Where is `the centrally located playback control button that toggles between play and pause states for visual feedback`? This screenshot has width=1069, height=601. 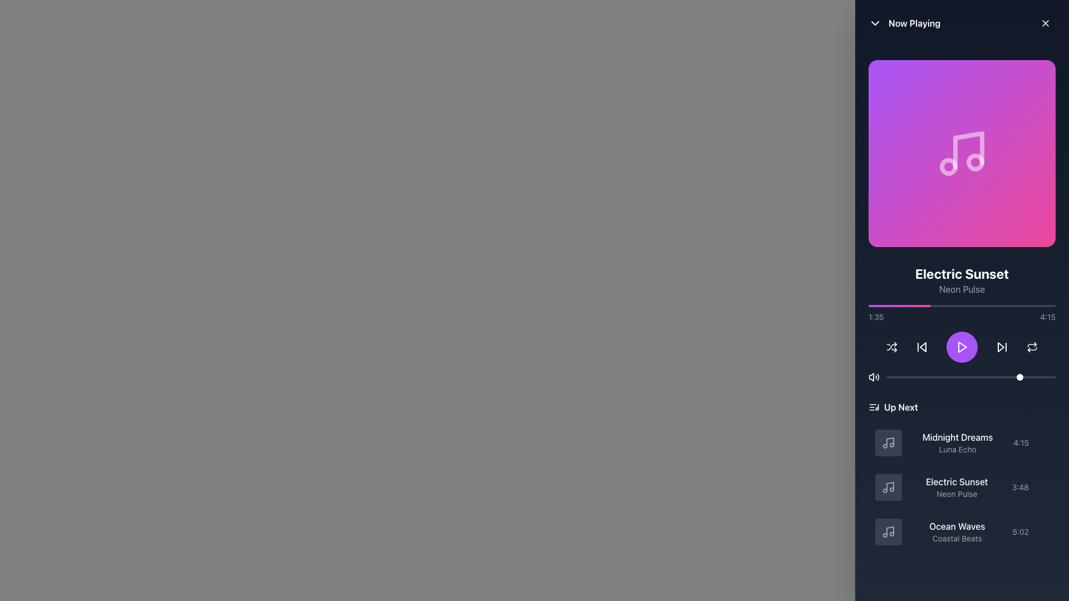
the centrally located playback control button that toggles between play and pause states for visual feedback is located at coordinates (962, 347).